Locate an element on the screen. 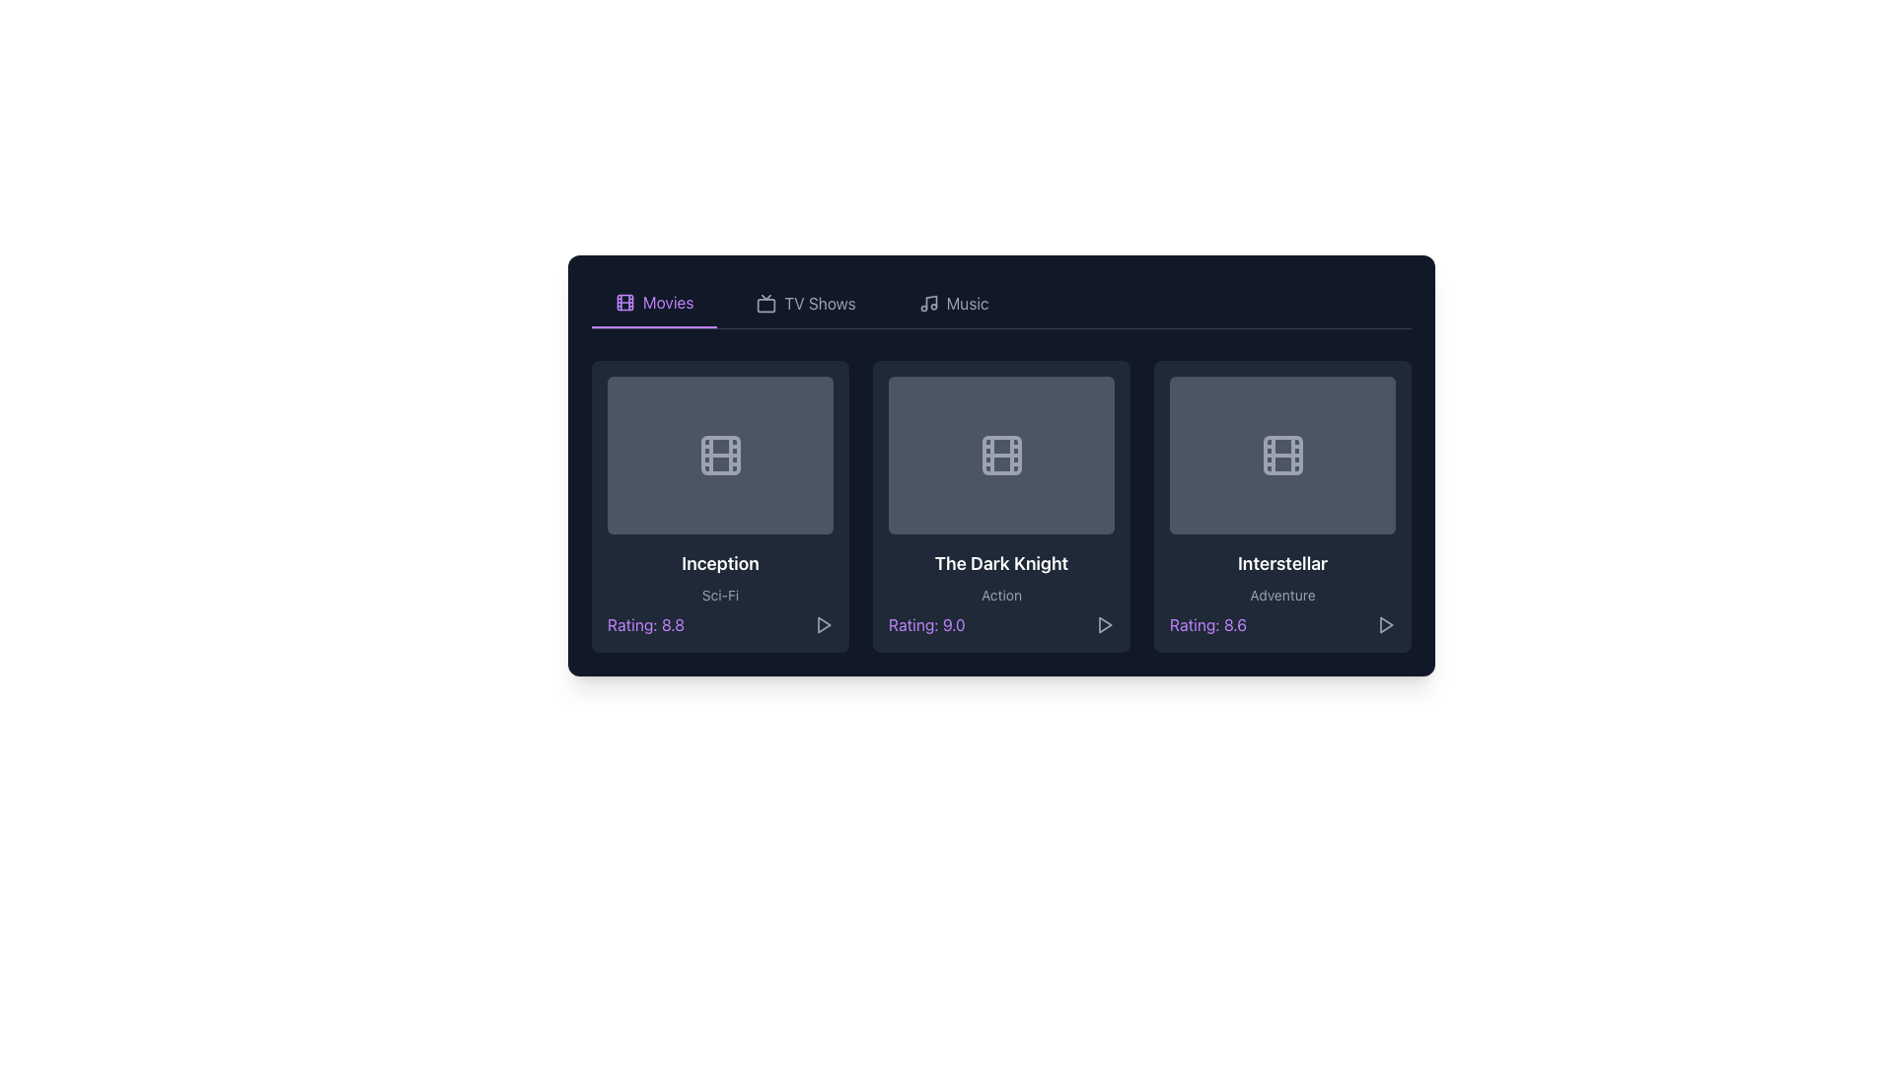  the leftmost Navigation tab in the horizontal navigation bar is located at coordinates (654, 304).